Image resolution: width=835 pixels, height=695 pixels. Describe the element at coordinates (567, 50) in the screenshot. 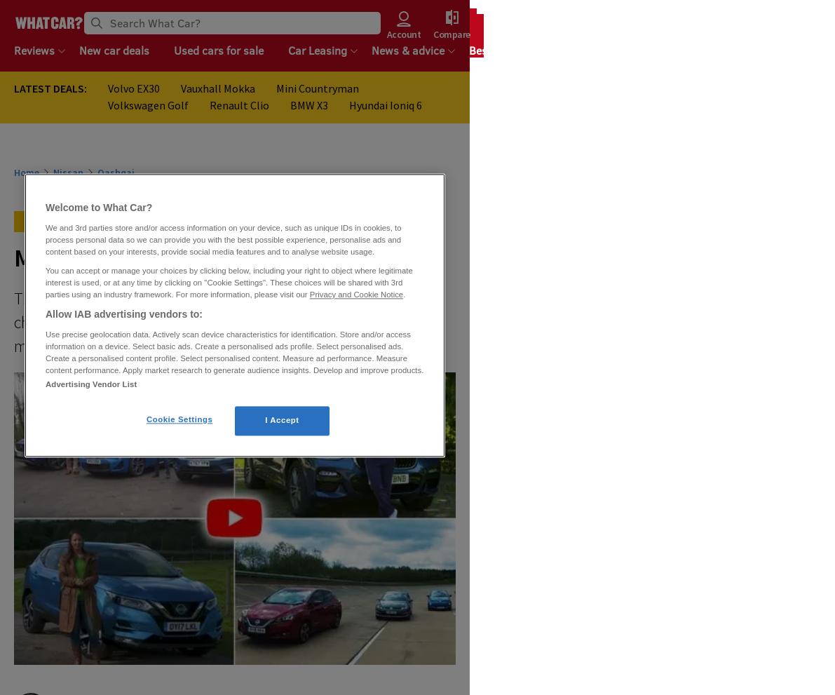

I see `'Tools & services'` at that location.